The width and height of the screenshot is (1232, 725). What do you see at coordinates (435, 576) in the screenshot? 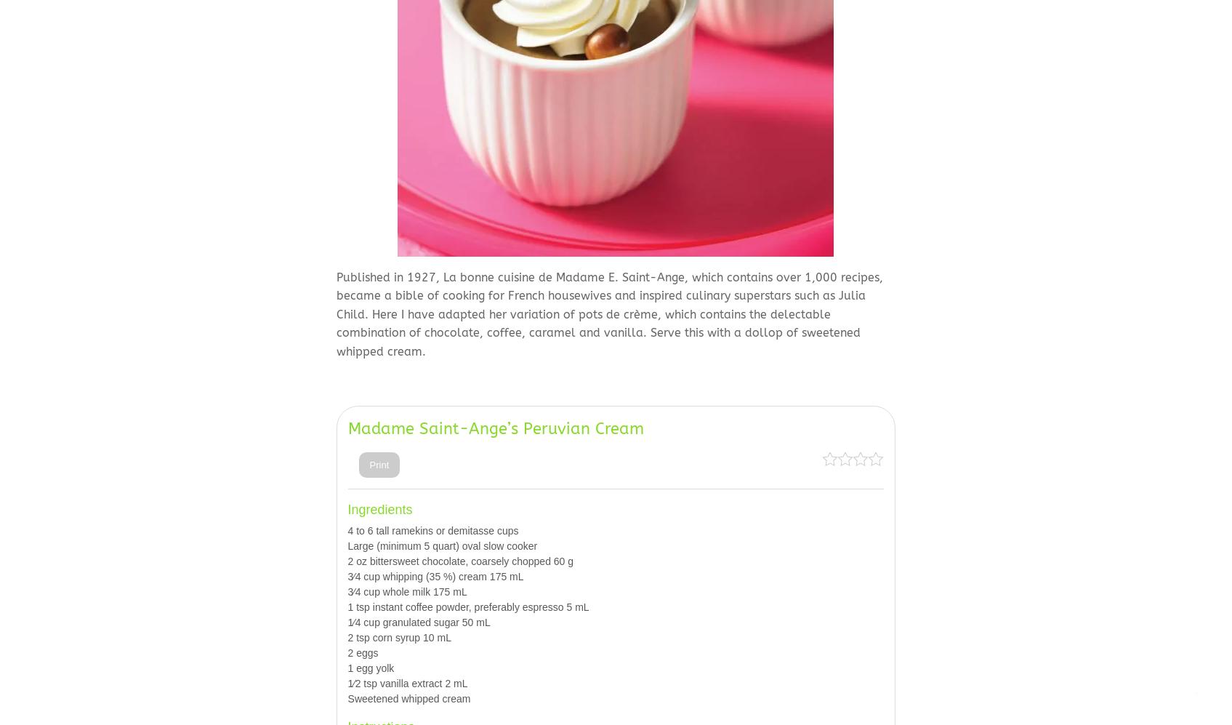
I see `'3⁄4 cup           whipping (35 %) cream        175 mL'` at bounding box center [435, 576].